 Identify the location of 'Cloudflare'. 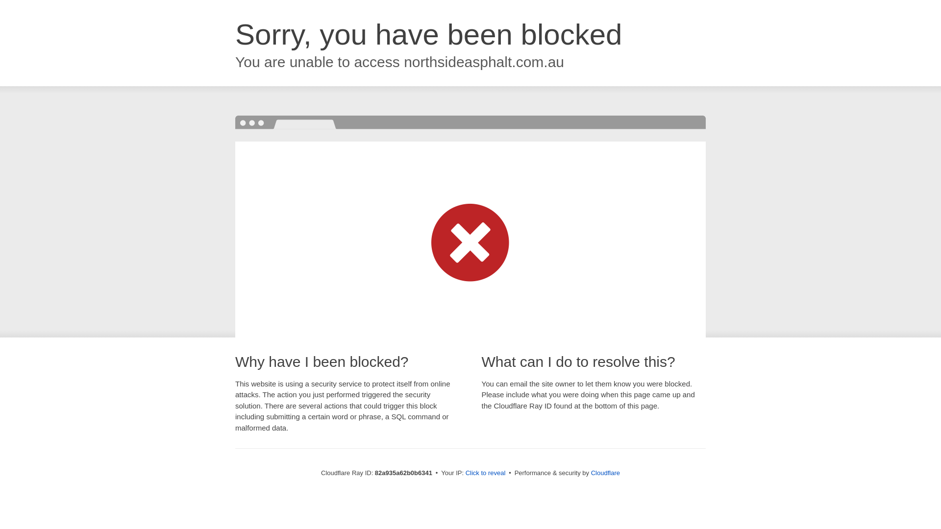
(605, 472).